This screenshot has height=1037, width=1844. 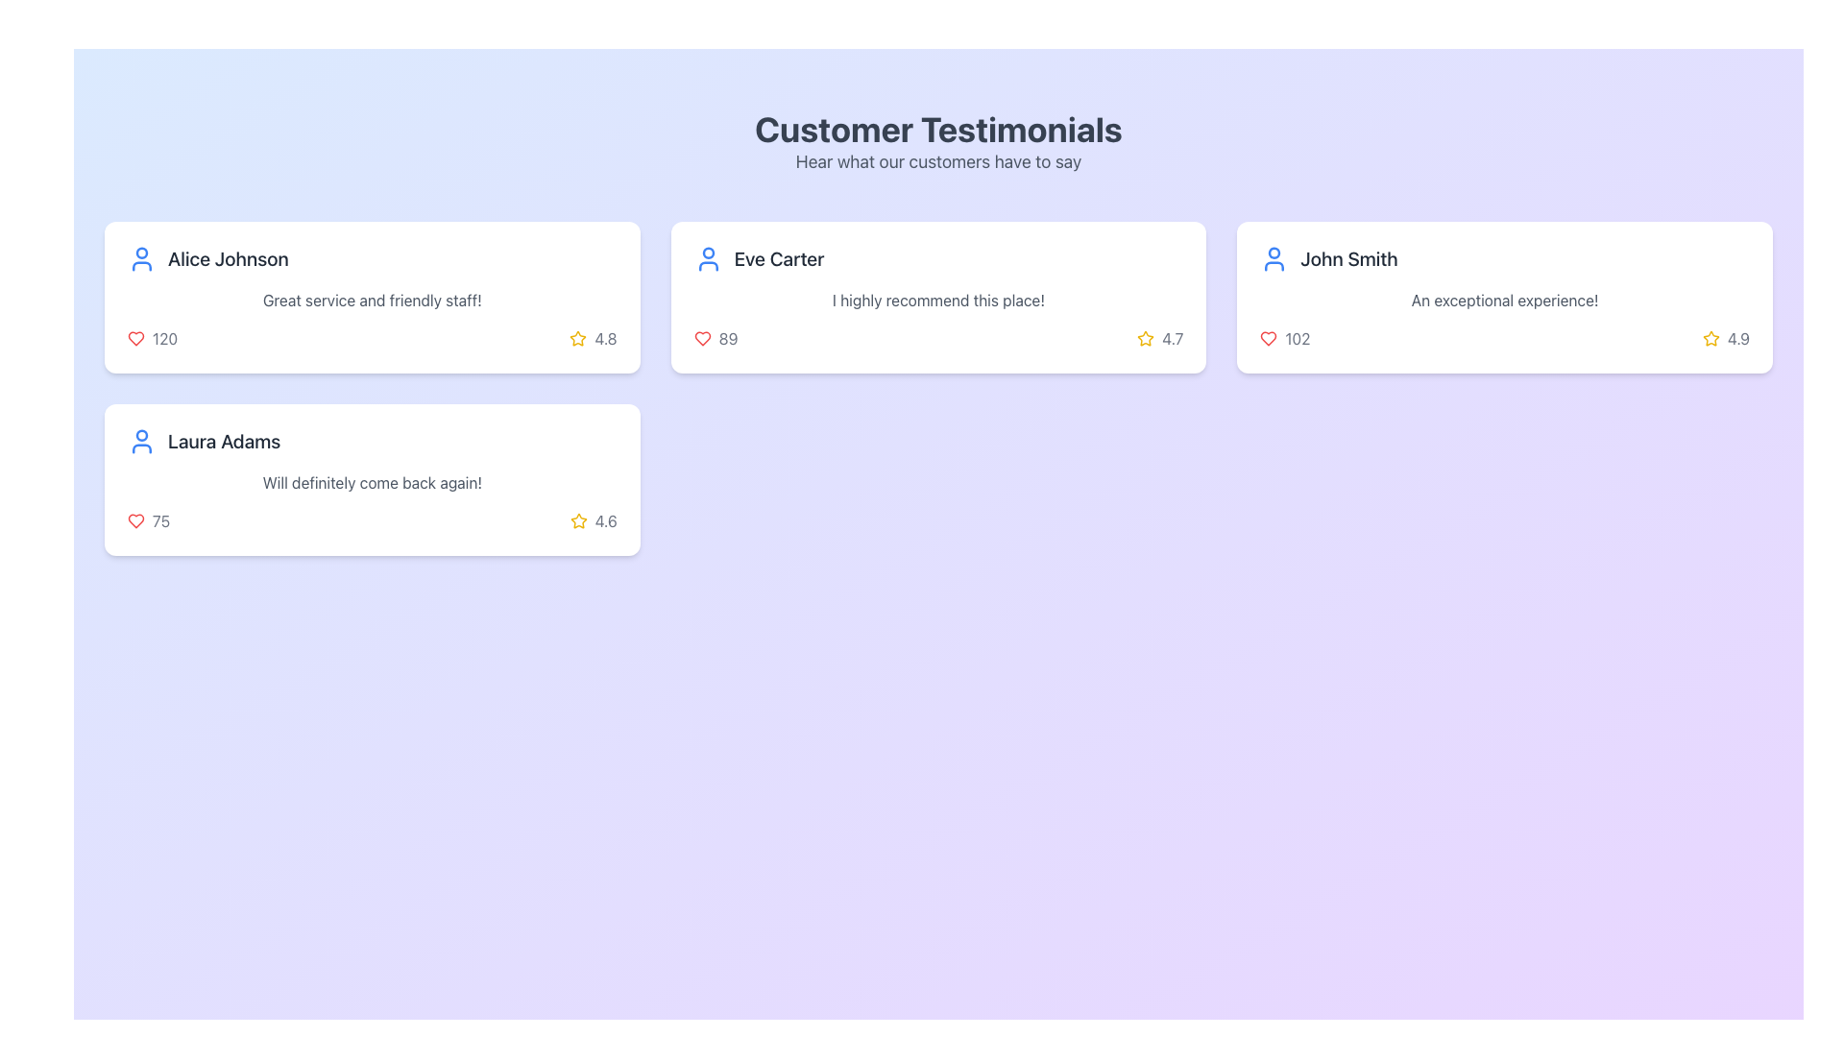 What do you see at coordinates (1172, 338) in the screenshot?
I see `text from the numerical rating score label located at the bottom right corner of the testimonial card for 'Eve Carter', next to the yellow star icon` at bounding box center [1172, 338].